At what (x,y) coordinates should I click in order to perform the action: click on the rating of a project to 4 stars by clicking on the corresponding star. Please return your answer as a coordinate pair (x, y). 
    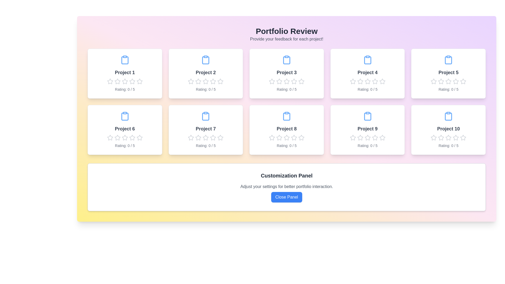
    Looking at the image, I should click on (132, 81).